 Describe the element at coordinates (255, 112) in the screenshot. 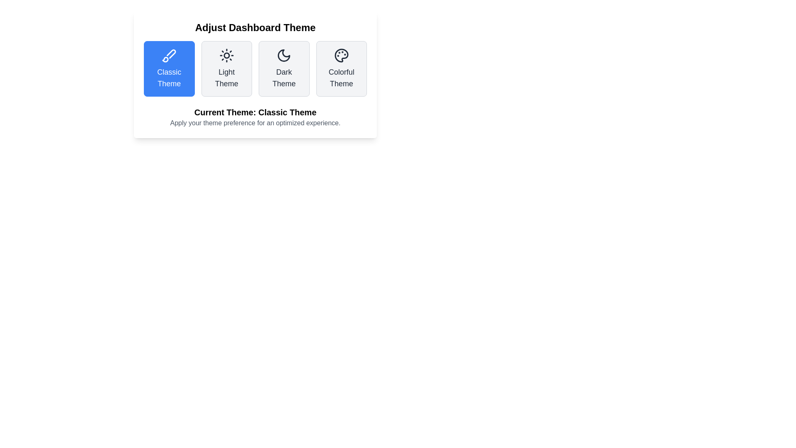

I see `the text label displaying 'Current Theme: Classic Theme' located in the 'Adjust Dashboard Theme' section` at that location.